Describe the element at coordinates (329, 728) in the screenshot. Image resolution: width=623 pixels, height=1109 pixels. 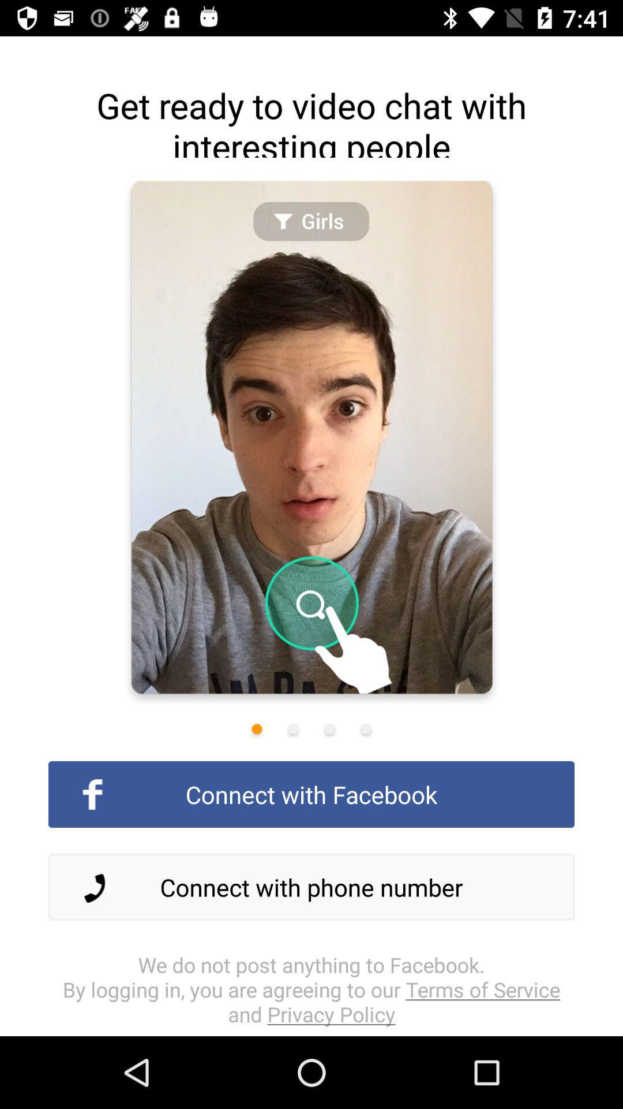
I see `alerta para pagina` at that location.